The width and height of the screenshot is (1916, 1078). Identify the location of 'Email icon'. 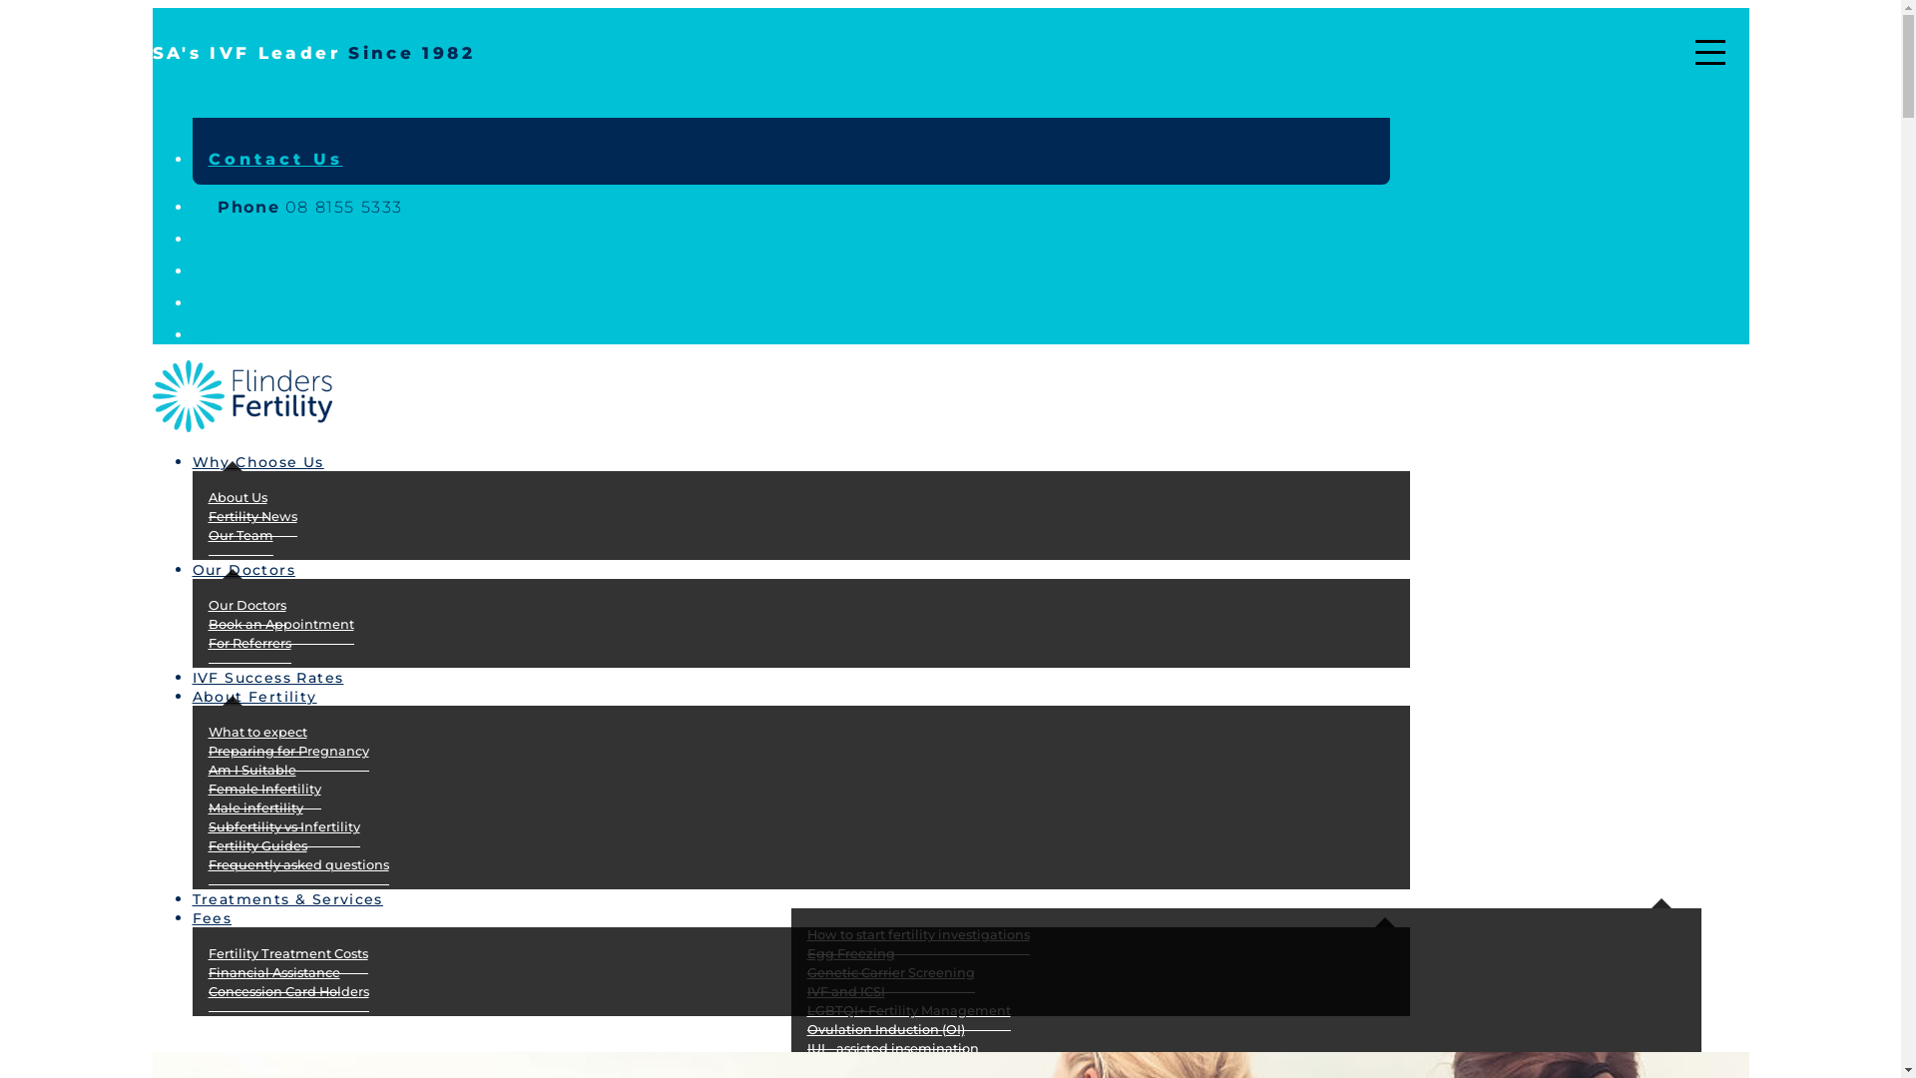
(192, 270).